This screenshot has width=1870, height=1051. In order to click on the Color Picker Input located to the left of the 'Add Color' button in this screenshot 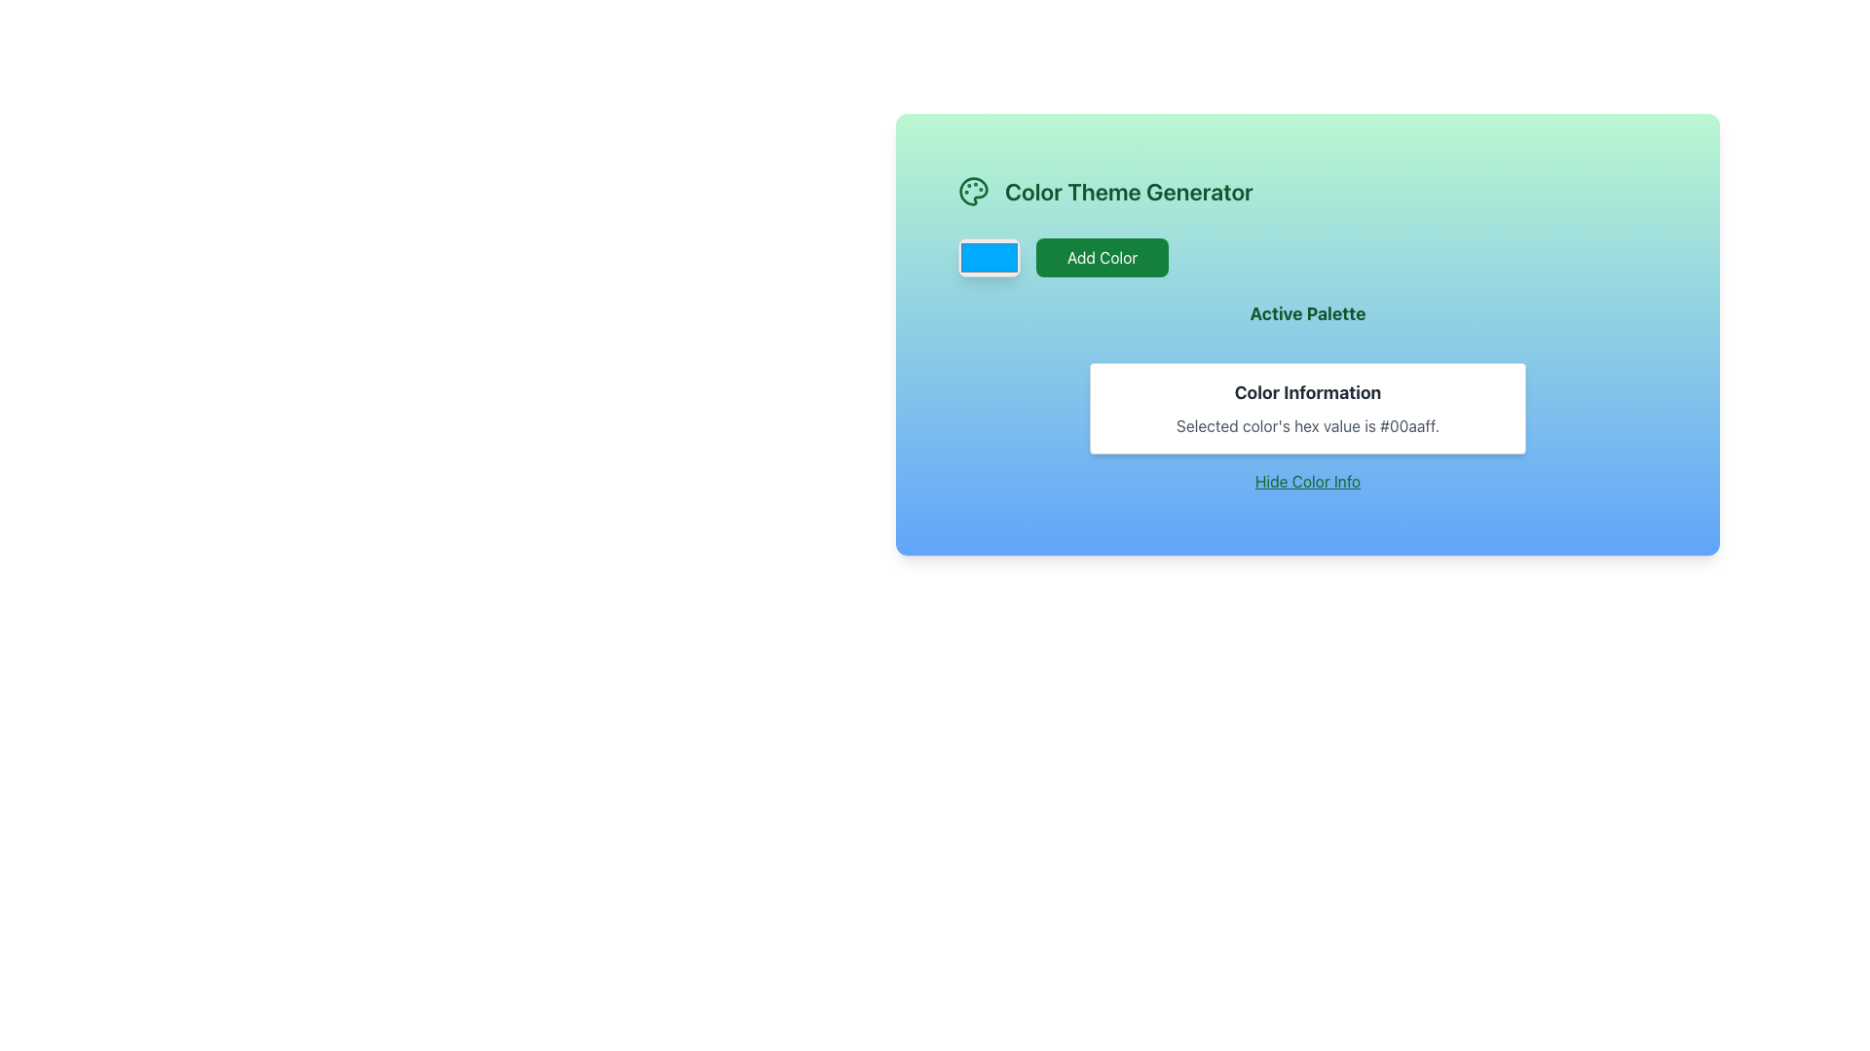, I will do `click(990, 257)`.